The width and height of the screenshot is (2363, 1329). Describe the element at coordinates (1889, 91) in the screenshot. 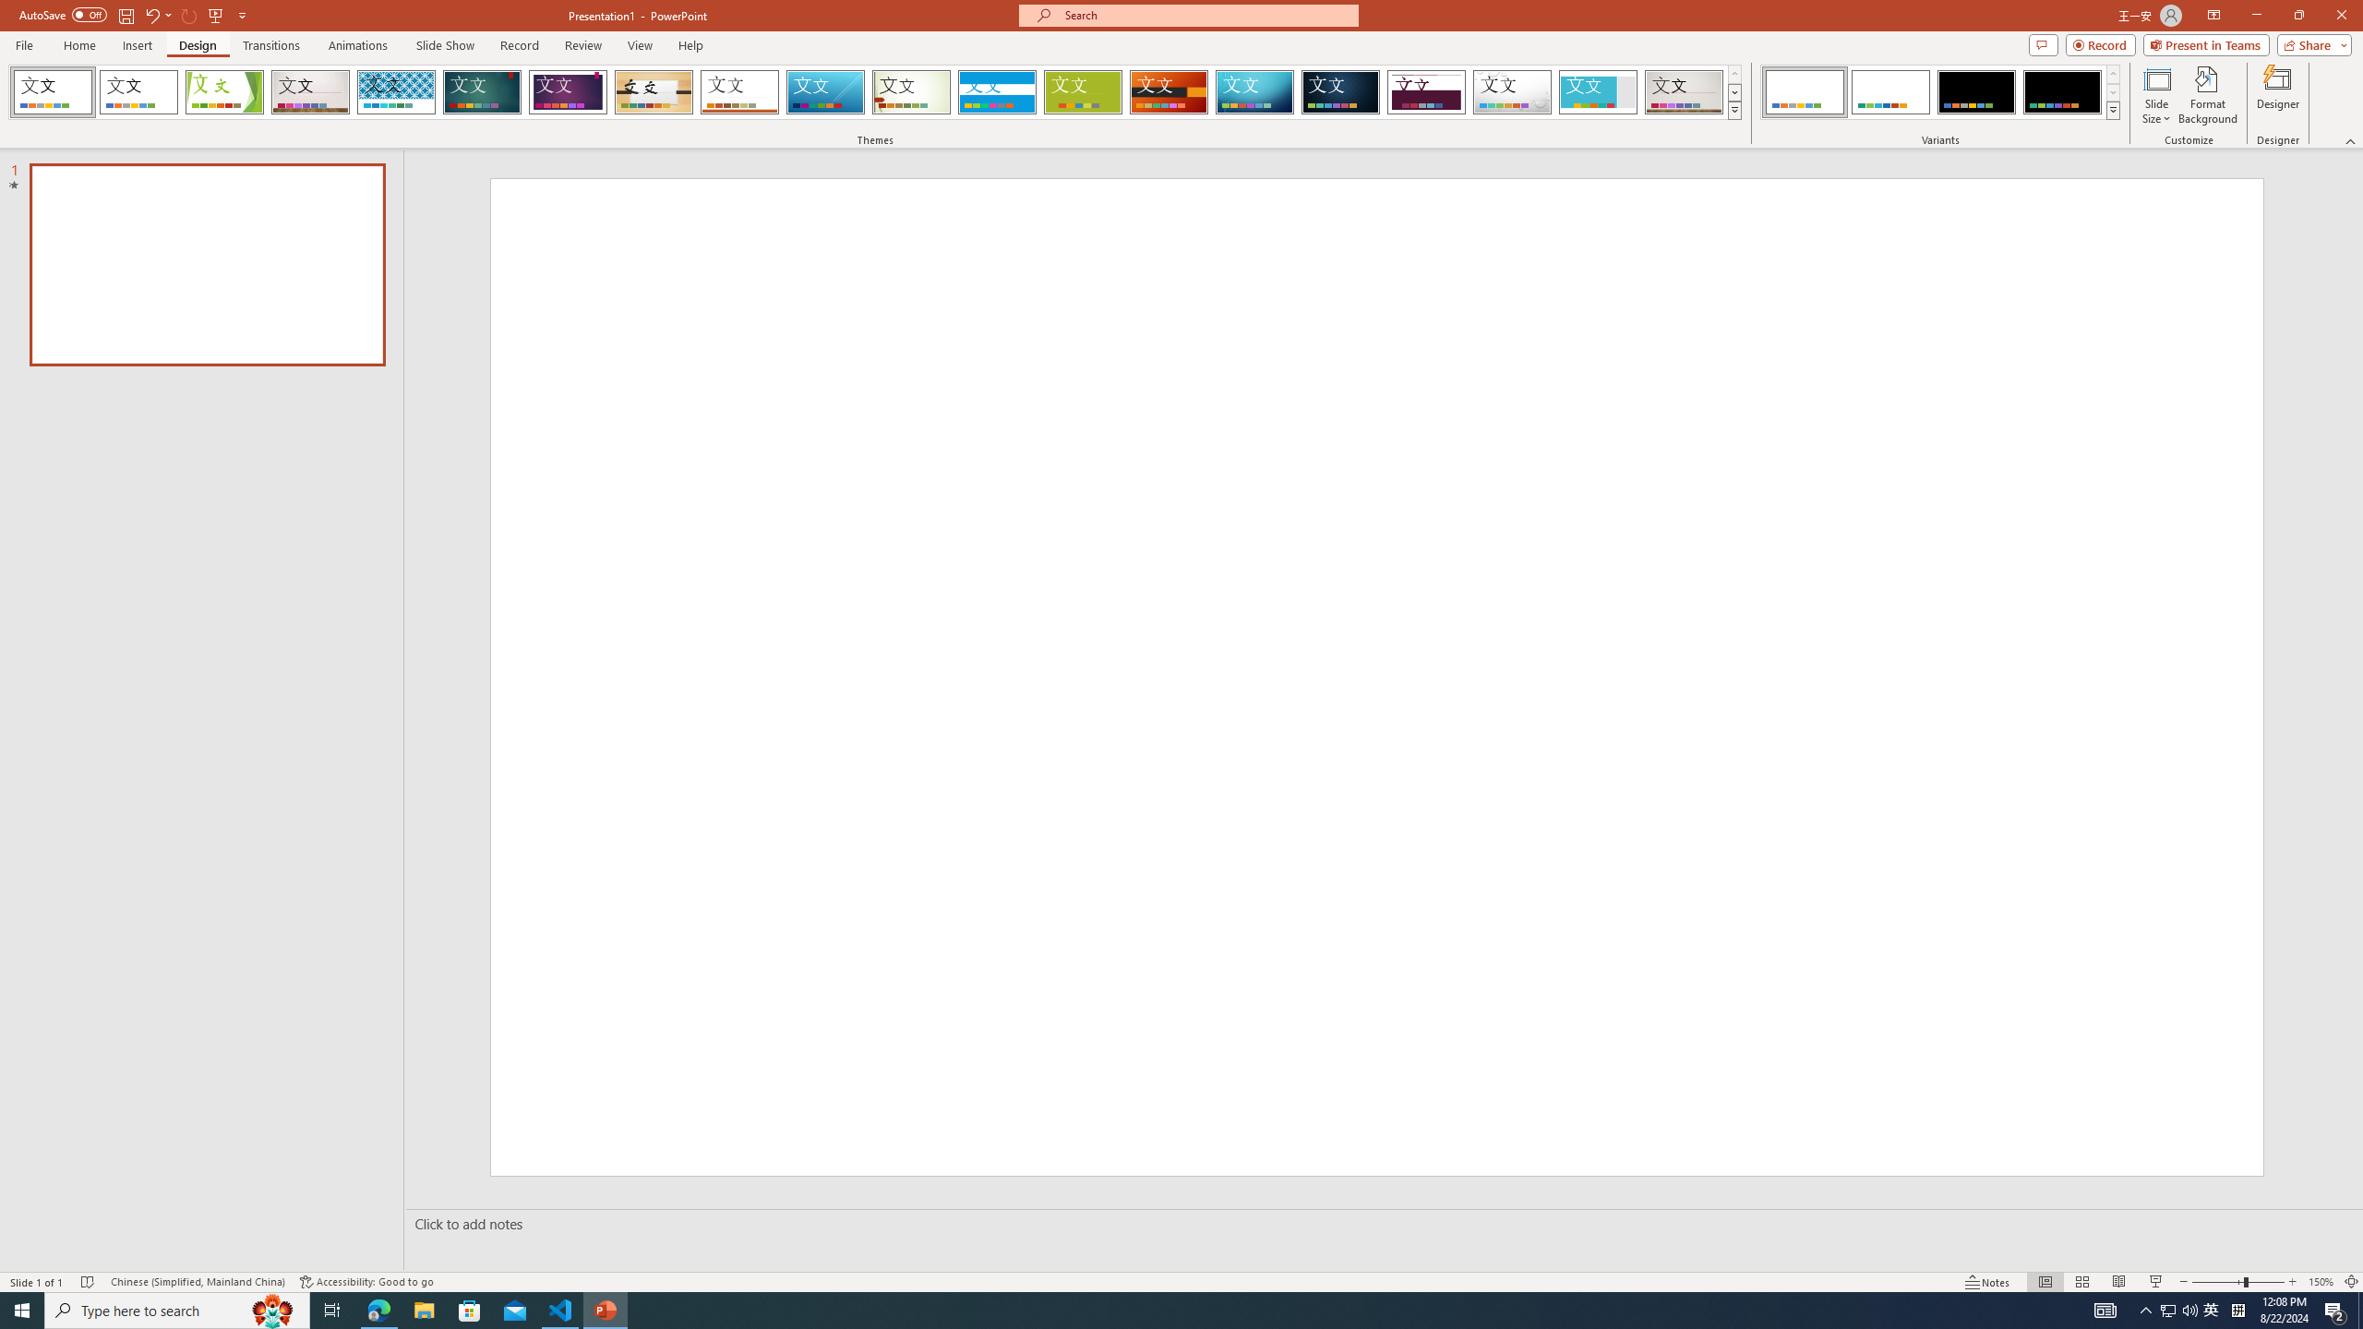

I see `'Office Theme Variant 2'` at that location.